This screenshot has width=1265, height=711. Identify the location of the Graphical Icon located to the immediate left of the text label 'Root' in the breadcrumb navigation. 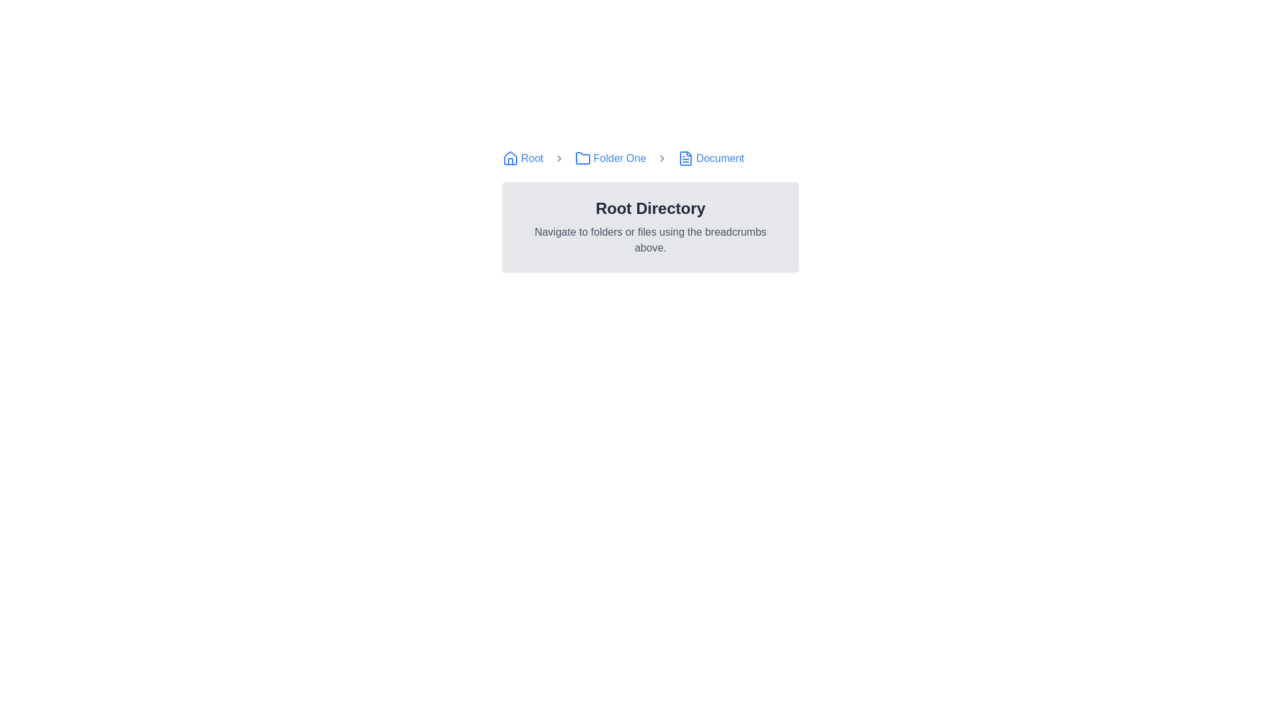
(509, 157).